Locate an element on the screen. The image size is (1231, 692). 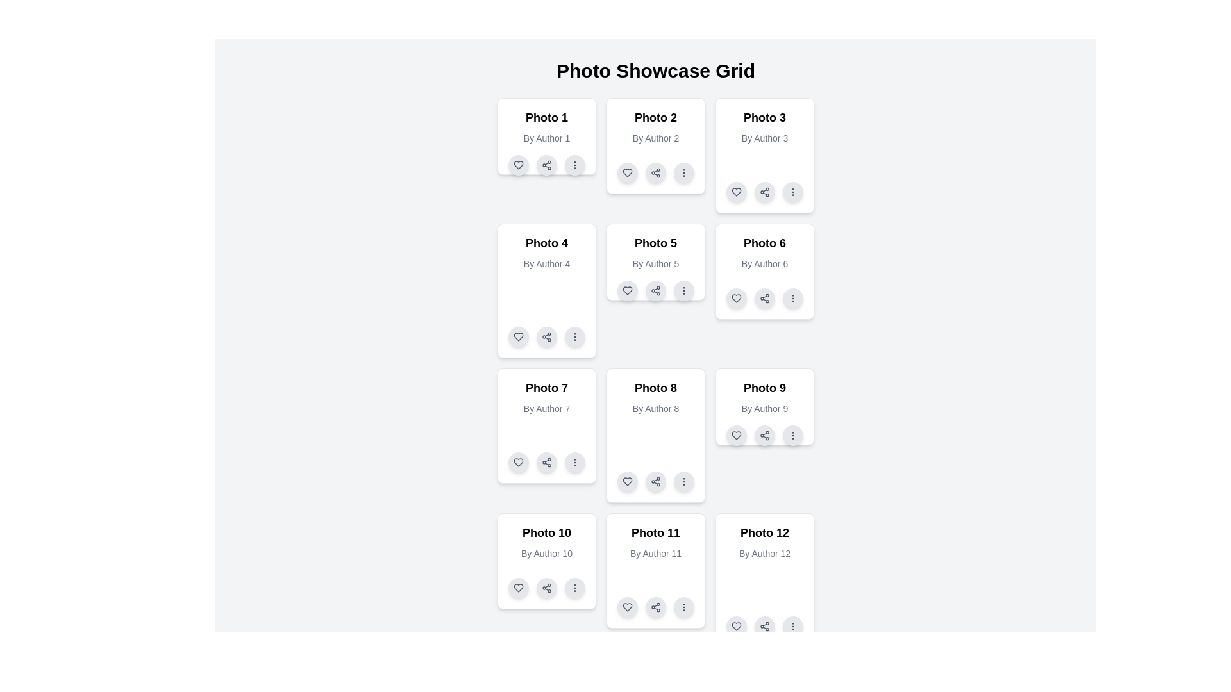
the button located is located at coordinates (574, 462).